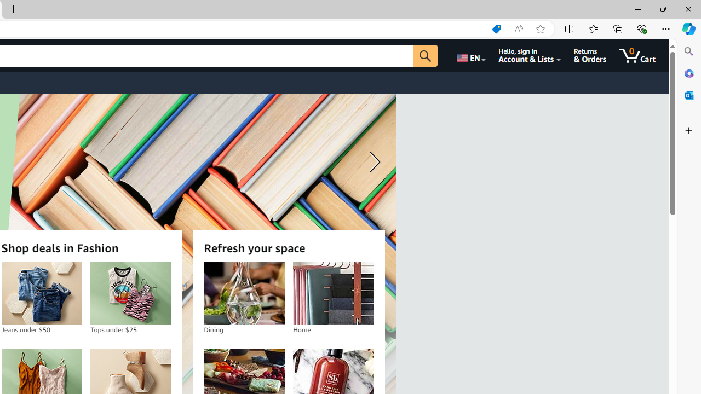 The height and width of the screenshot is (394, 701). Describe the element at coordinates (470, 55) in the screenshot. I see `'Choose a language for shopping.'` at that location.